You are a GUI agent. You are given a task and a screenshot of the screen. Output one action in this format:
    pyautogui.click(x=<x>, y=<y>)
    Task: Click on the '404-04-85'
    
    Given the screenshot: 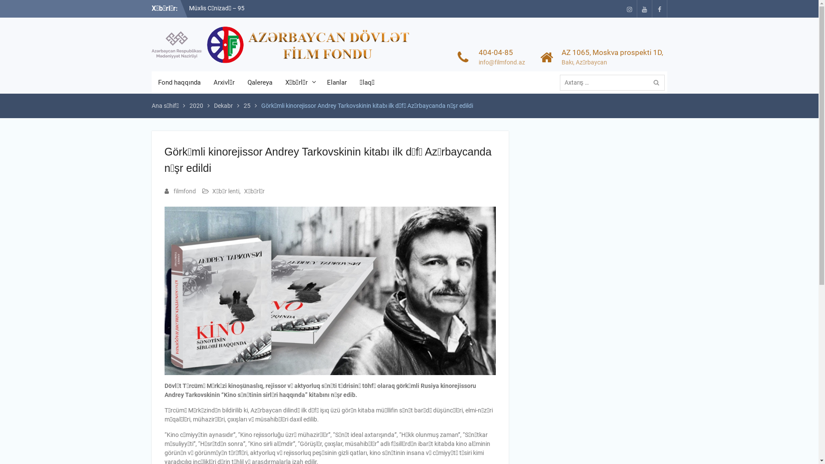 What is the action you would take?
    pyautogui.click(x=501, y=53)
    